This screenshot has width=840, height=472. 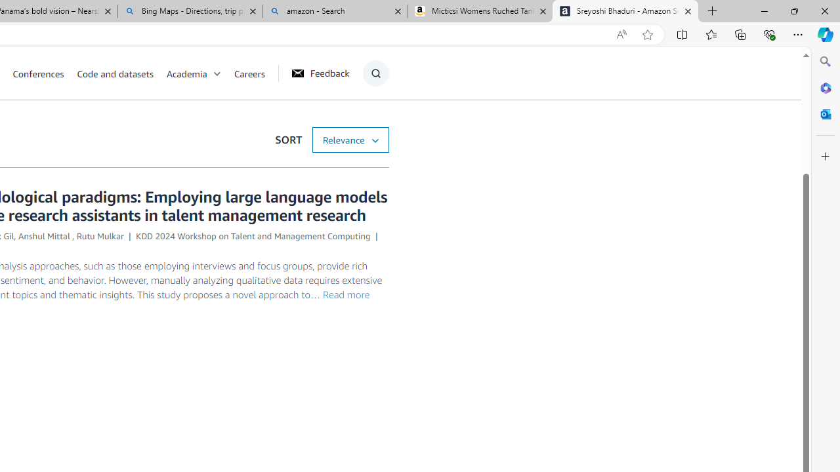 I want to click on 'Careers', so click(x=249, y=73).